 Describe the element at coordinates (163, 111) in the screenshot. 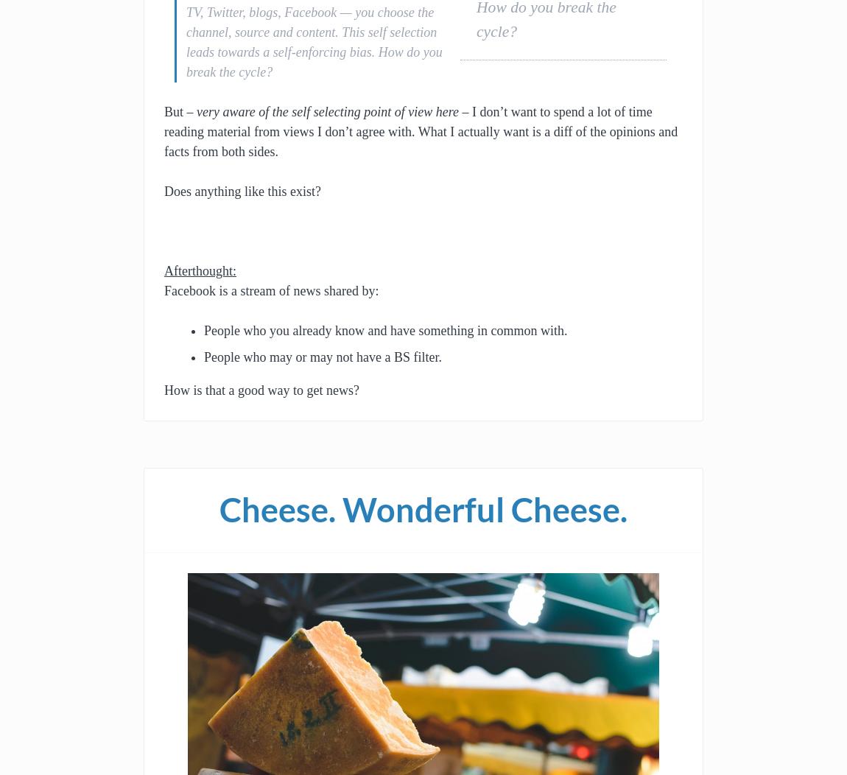

I see `'But –'` at that location.